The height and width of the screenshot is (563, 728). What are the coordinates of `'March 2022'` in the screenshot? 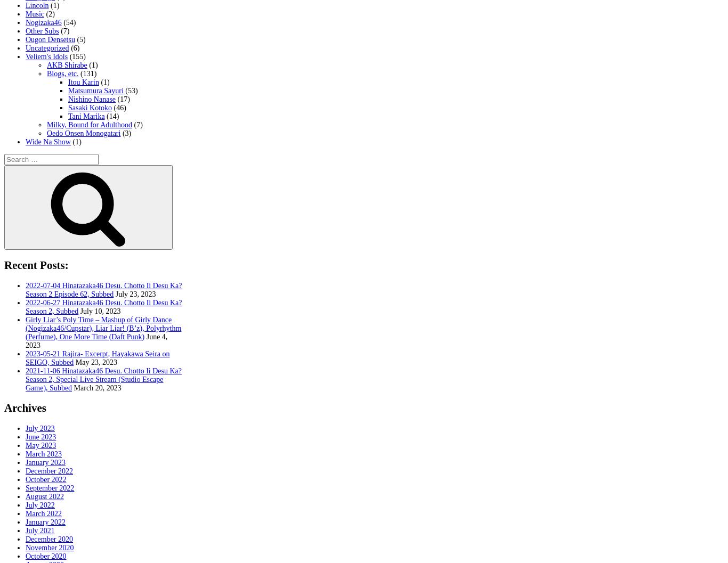 It's located at (25, 513).